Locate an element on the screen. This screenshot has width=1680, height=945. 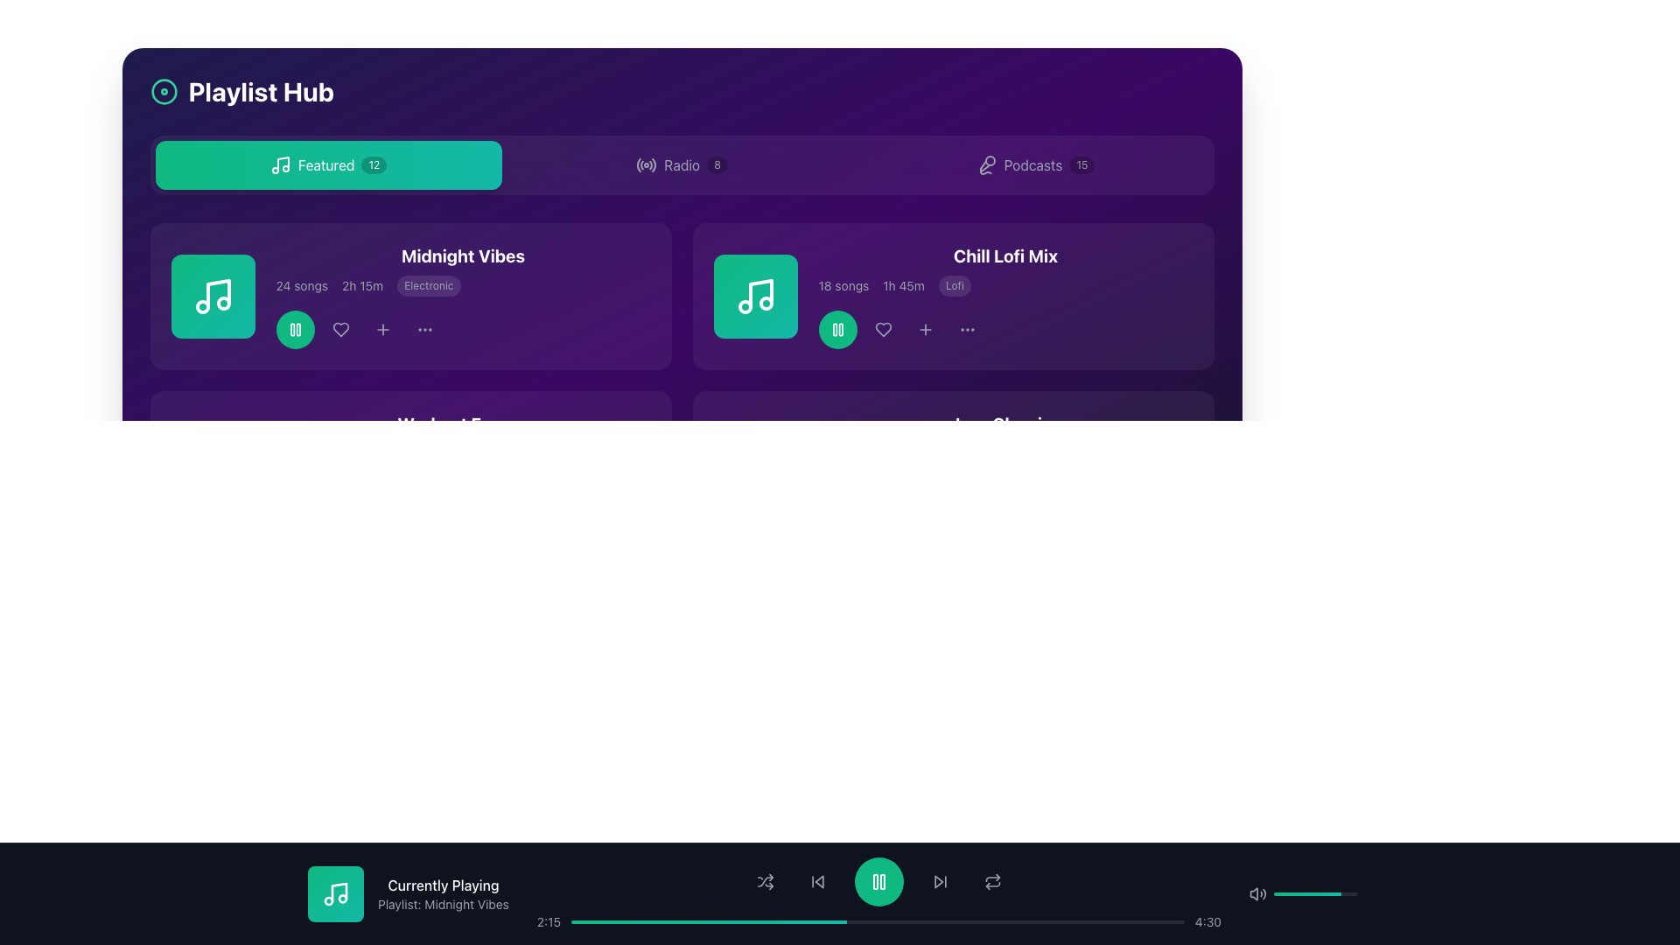
the text label displaying 'Midnight Vibes' in bold white font, located at the upper portion of the playlist card against a dark purple background is located at coordinates (463, 256).